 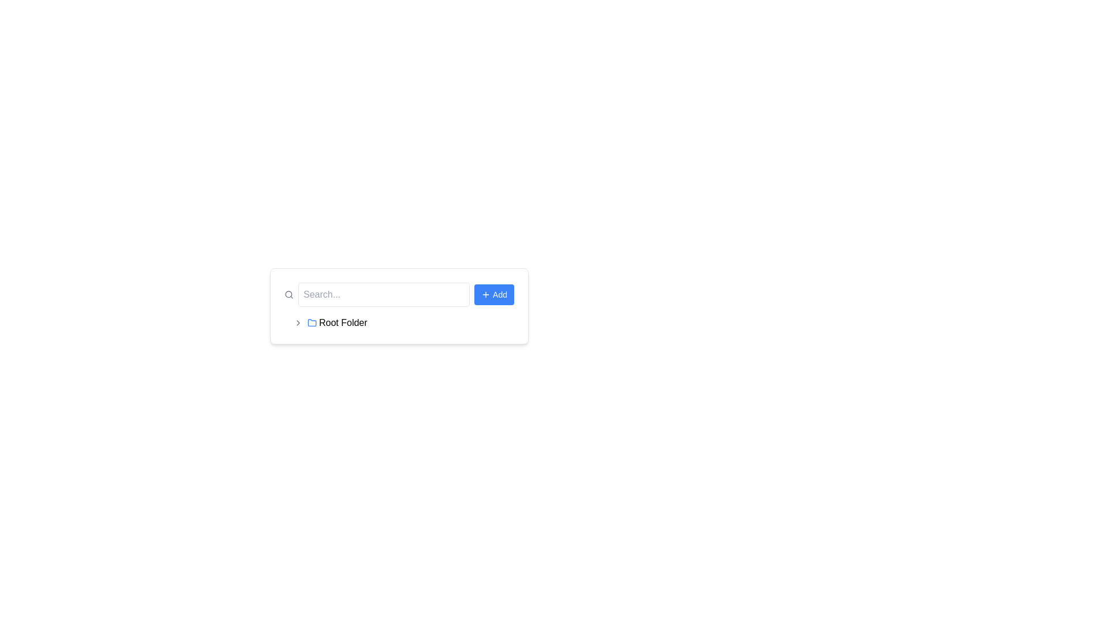 What do you see at coordinates (486, 294) in the screenshot?
I see `the SVG icon representing the addition functionality located on the left side of the 'Add' button, which is positioned to the right of the search bar` at bounding box center [486, 294].